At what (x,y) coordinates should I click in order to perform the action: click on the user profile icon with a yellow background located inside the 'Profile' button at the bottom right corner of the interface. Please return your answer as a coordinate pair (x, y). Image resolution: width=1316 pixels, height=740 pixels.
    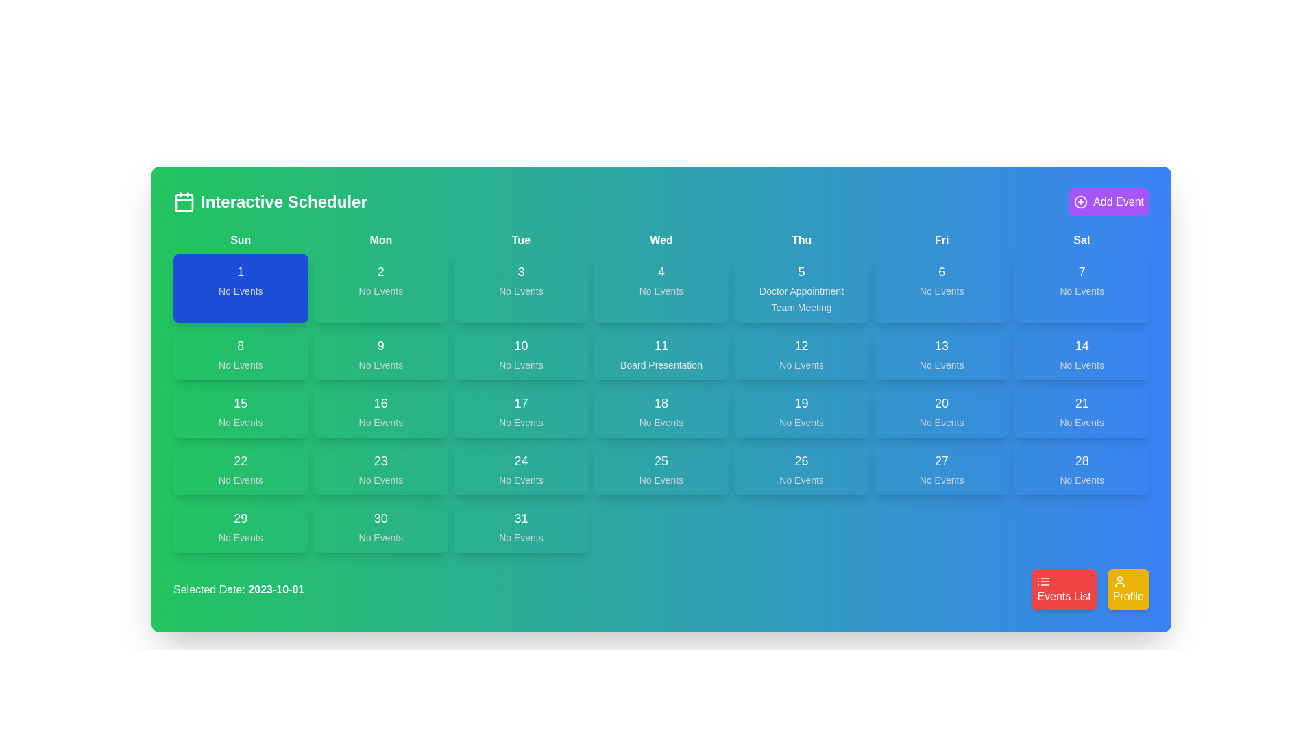
    Looking at the image, I should click on (1119, 581).